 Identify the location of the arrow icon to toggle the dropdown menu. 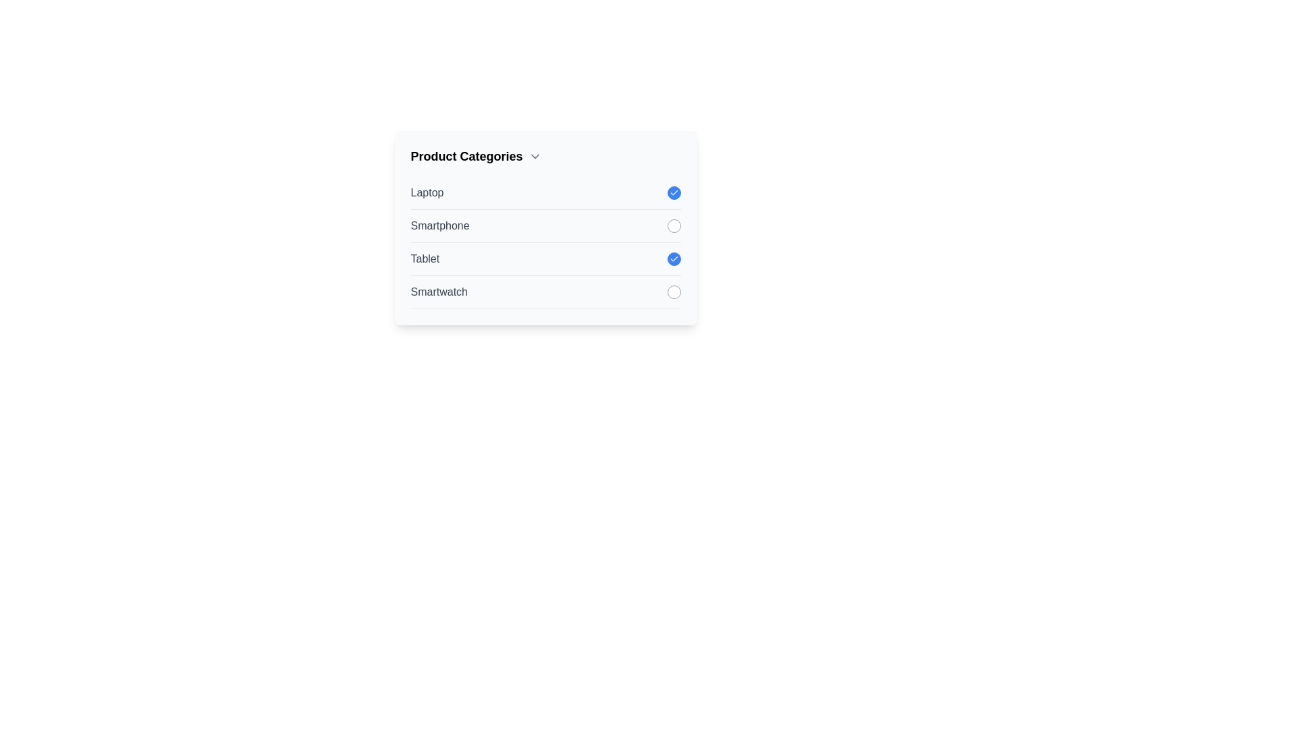
(534, 155).